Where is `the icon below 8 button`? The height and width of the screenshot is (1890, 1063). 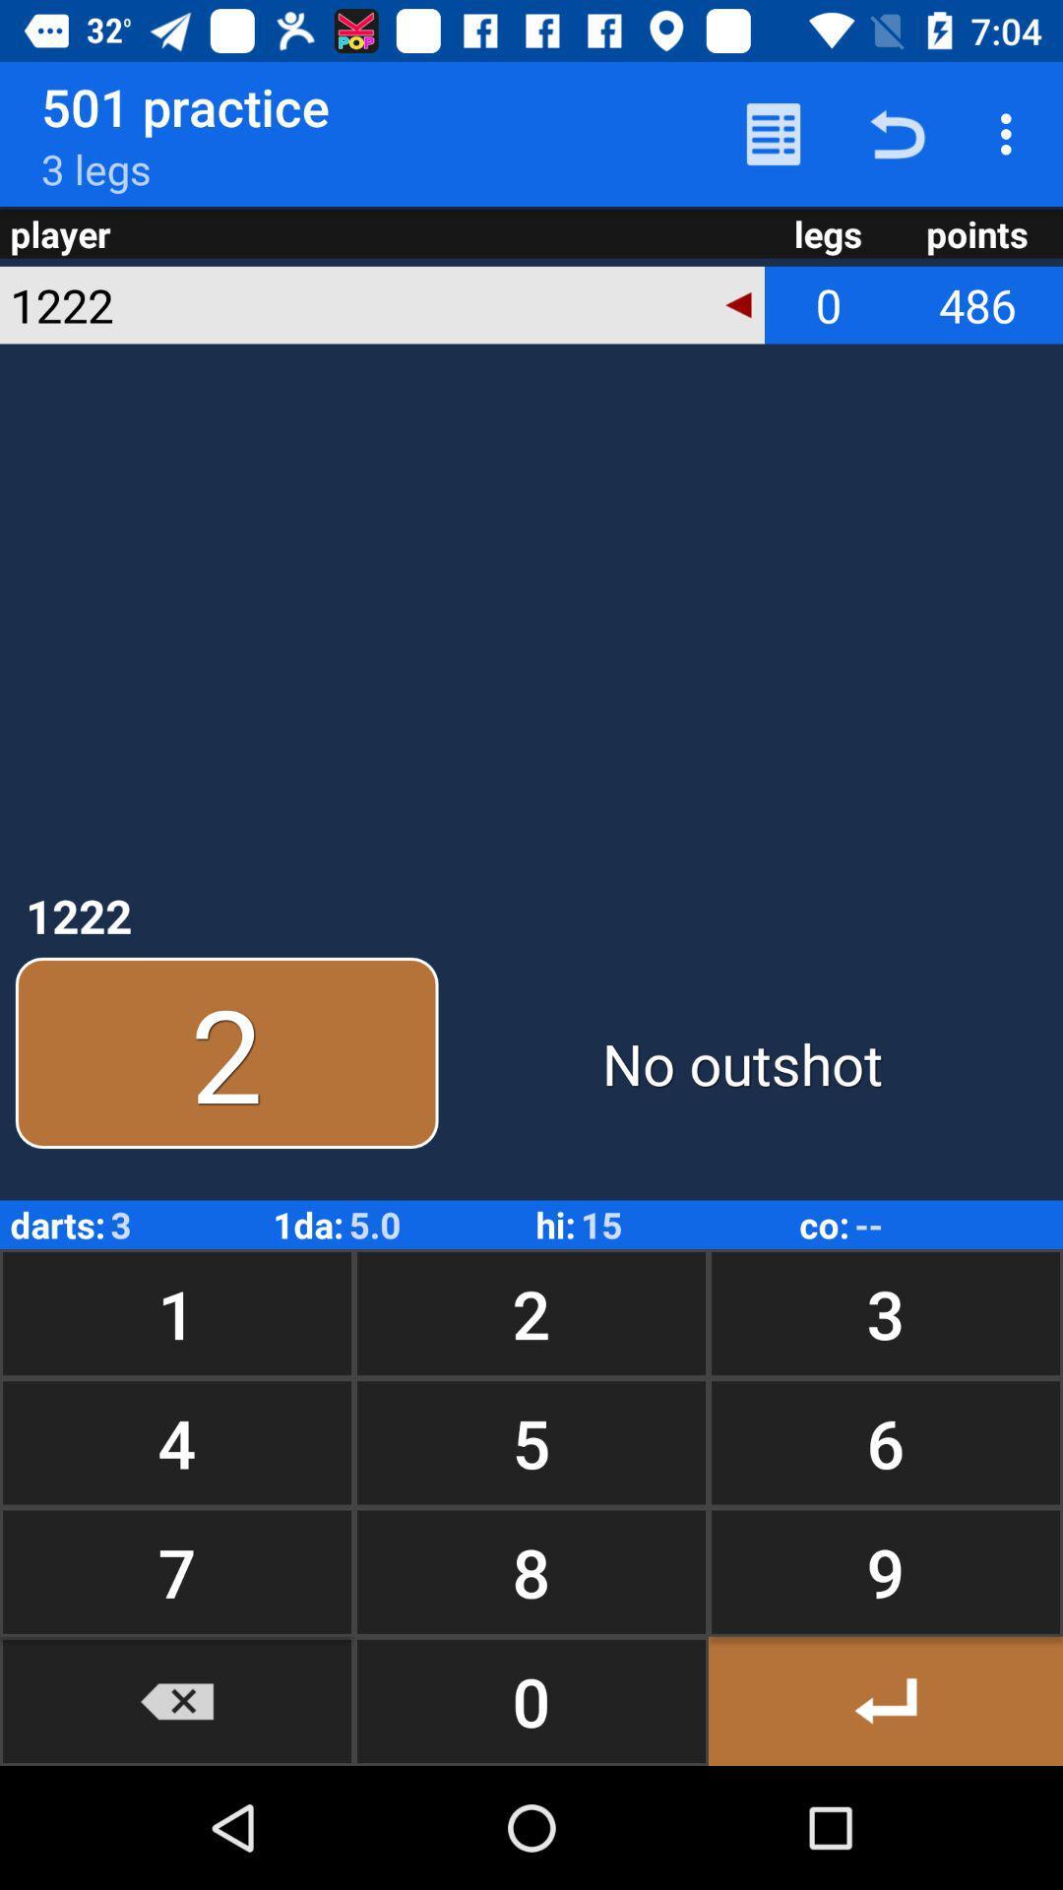
the icon below 8 button is located at coordinates (884, 1700).